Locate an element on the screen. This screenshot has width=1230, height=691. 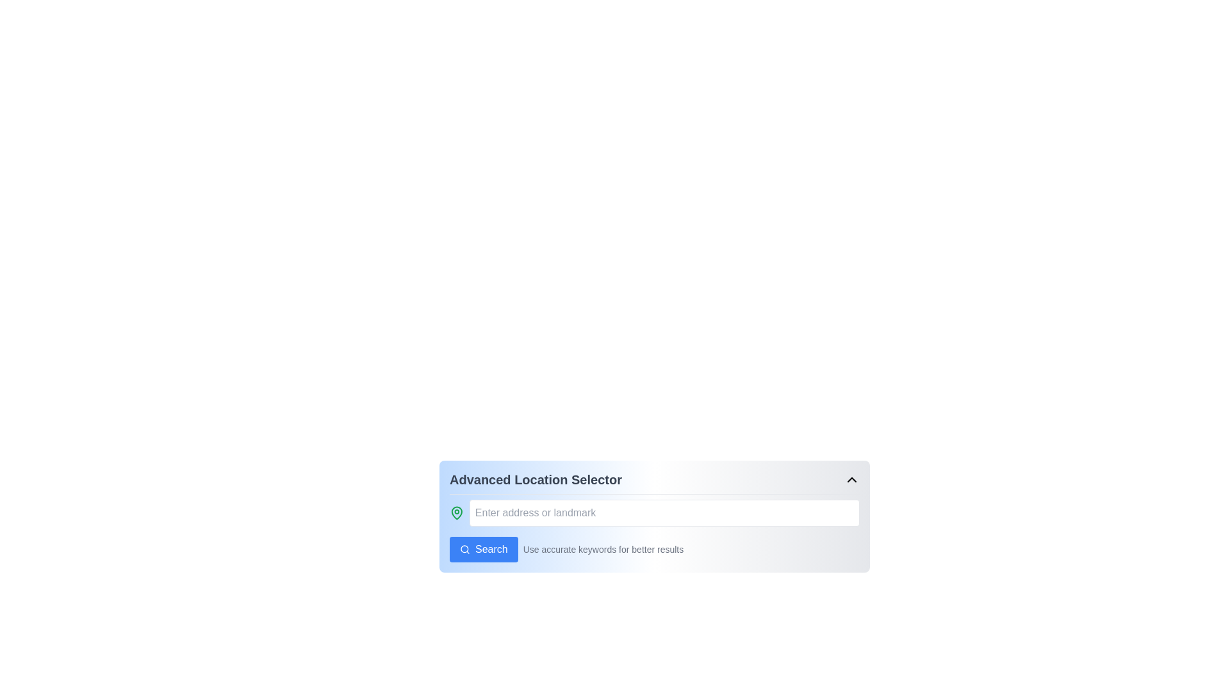
guidance text accompanying the 'Search' button, which states 'Use accurate keywords for better results' is located at coordinates (655, 549).